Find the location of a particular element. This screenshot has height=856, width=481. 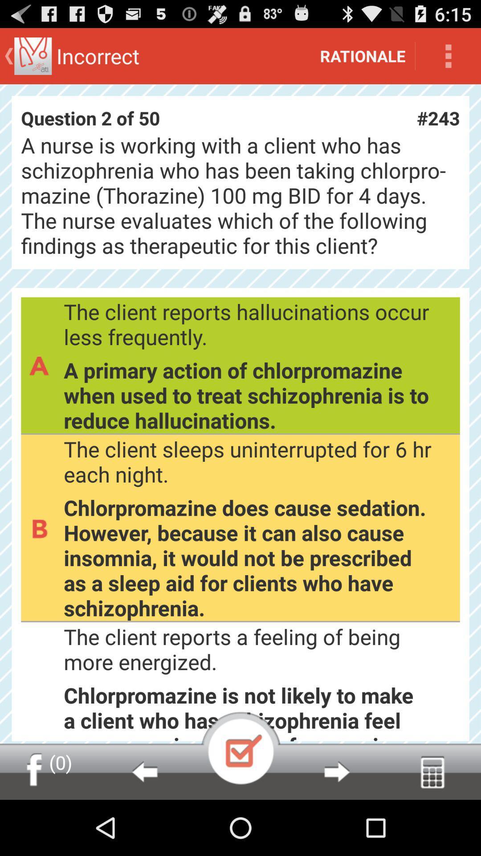

the delete icon is located at coordinates (432, 825).